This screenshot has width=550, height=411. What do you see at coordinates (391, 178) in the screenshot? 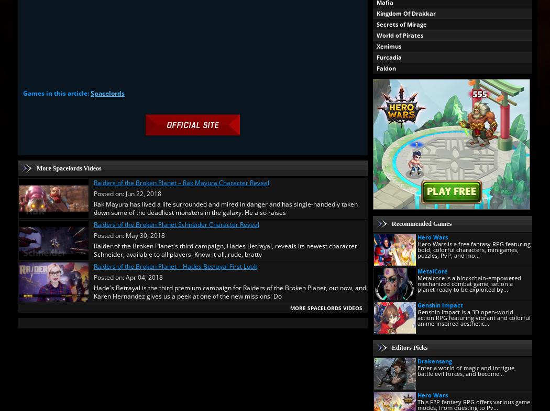
I see `'Ninja Wars'` at bounding box center [391, 178].